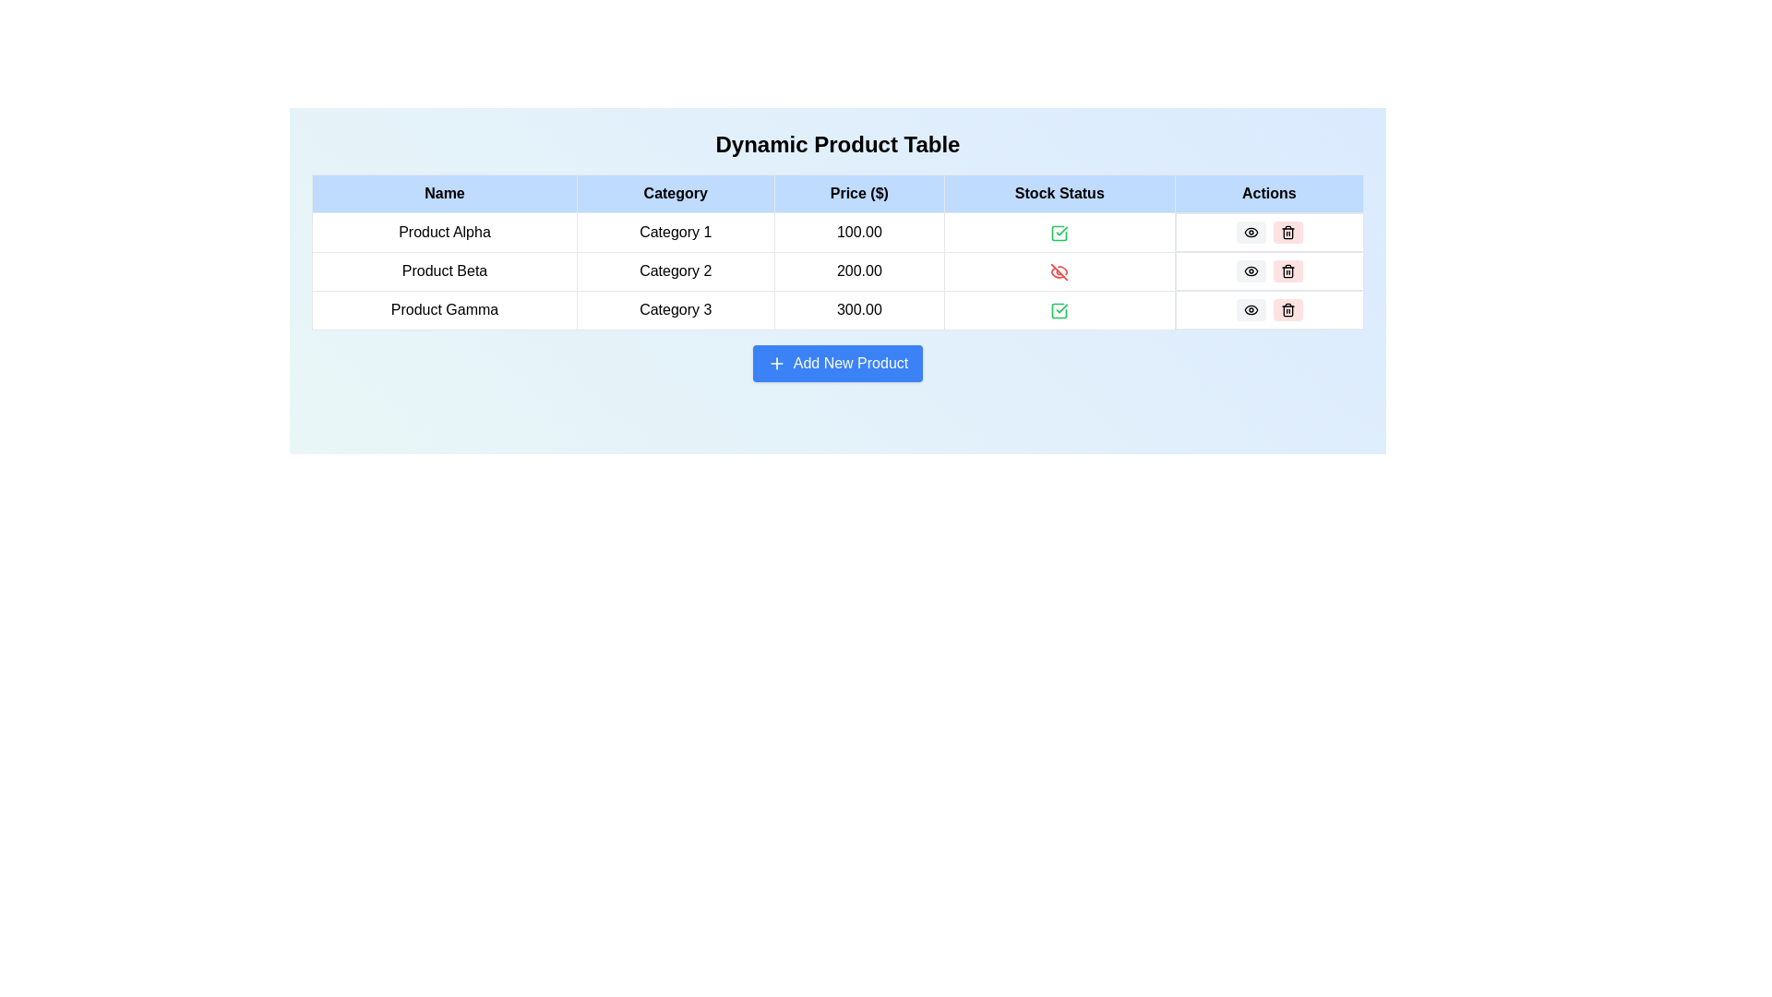 The height and width of the screenshot is (997, 1772). Describe the element at coordinates (1251, 308) in the screenshot. I see `the small, light gray button with a black eye-shaped icon in the 'Actions' column of the last row of the table` at that location.